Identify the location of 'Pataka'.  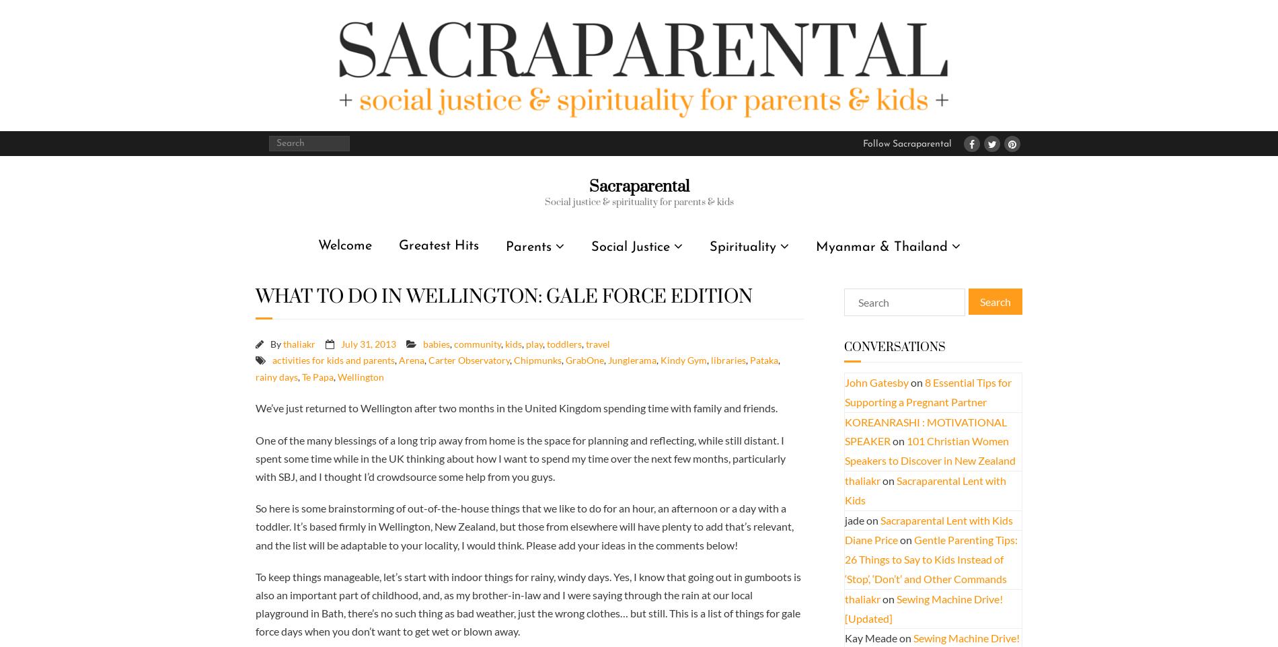
(749, 360).